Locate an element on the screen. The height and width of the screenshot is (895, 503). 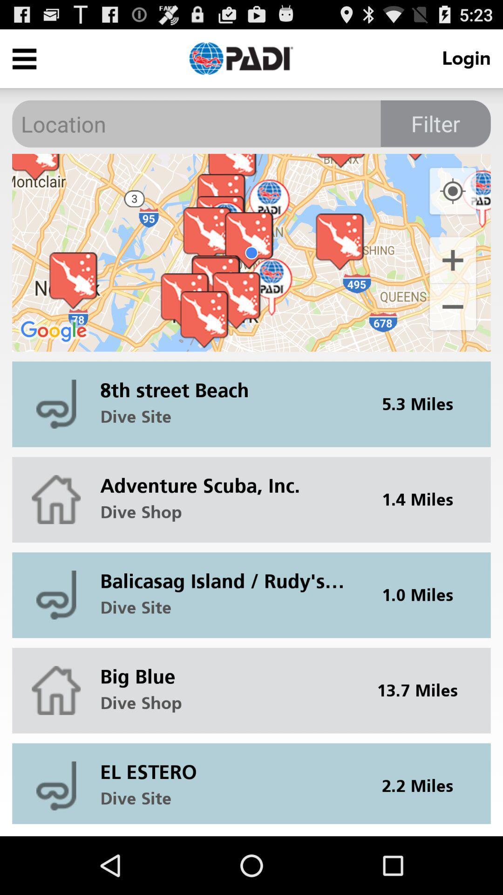
the item to the left of 1.0 miles is located at coordinates (228, 573).